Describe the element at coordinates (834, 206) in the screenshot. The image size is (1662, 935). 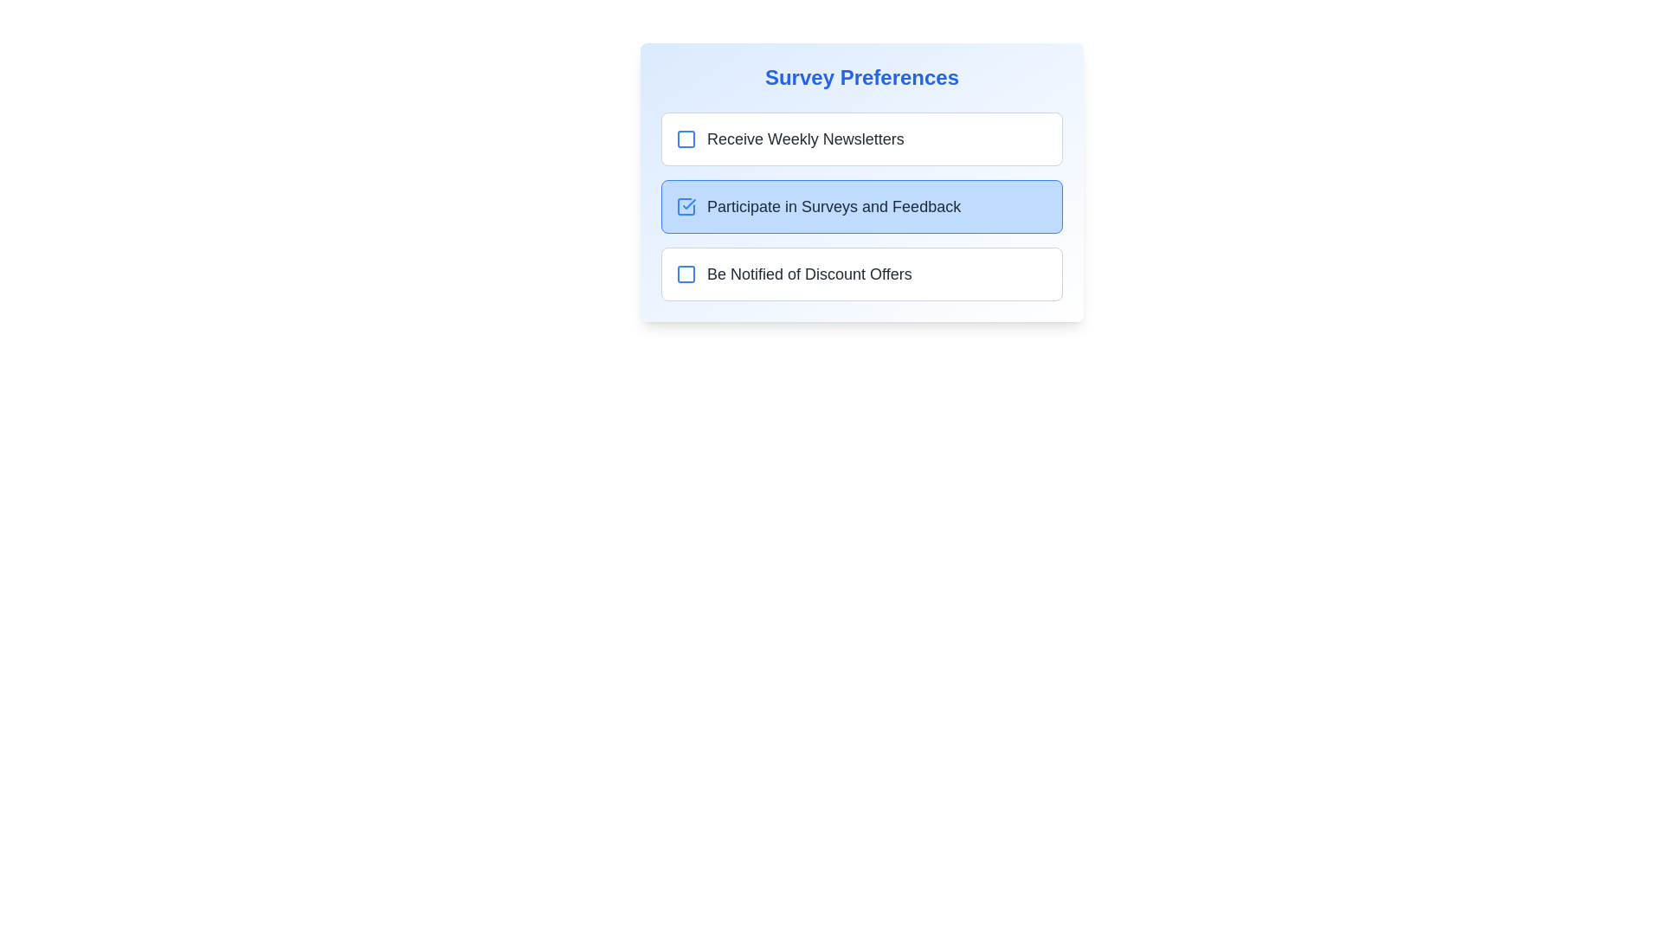
I see `the text label for the survey preference option, which is the second item in the vertical list within the 'Survey Preferences' panel, located next to a blue checkbox icon` at that location.